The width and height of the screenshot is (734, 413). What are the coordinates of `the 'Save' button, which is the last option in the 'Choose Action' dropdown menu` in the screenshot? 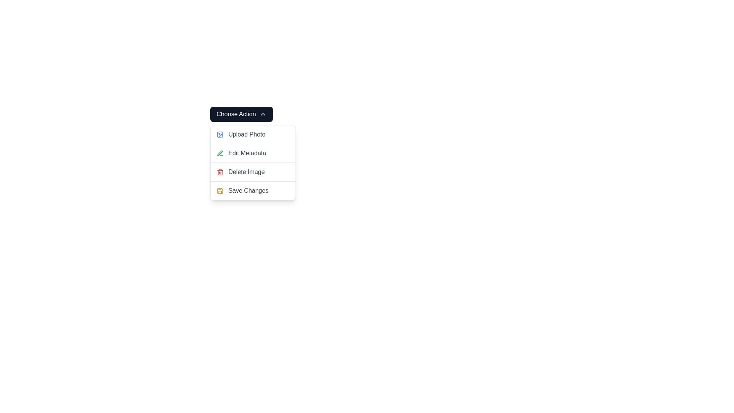 It's located at (253, 190).